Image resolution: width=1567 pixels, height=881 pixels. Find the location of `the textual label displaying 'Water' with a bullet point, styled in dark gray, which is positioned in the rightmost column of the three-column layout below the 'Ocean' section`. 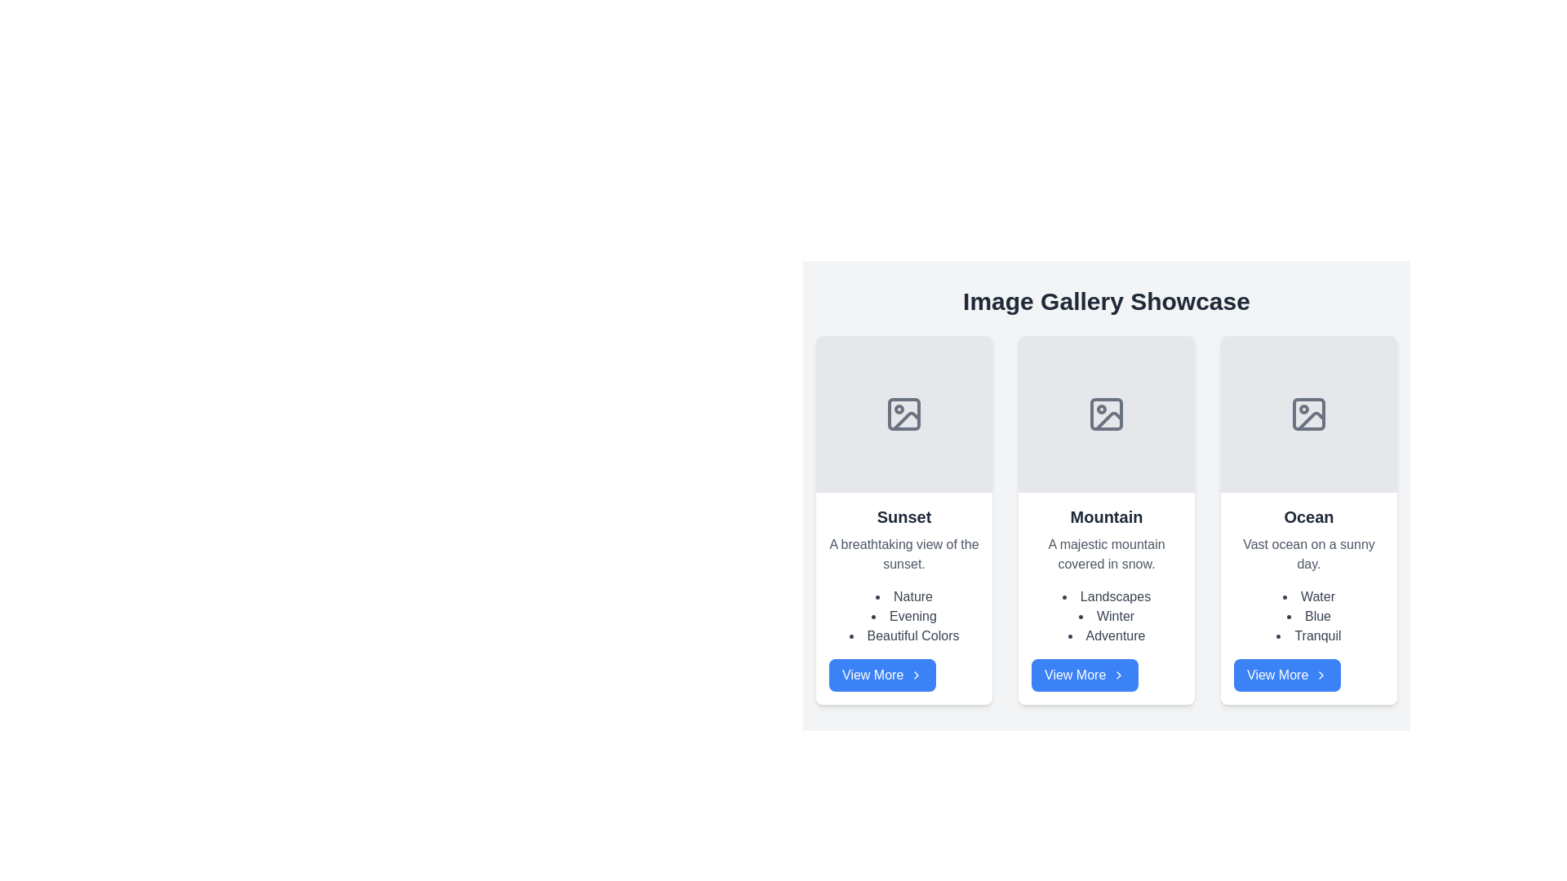

the textual label displaying 'Water' with a bullet point, styled in dark gray, which is positioned in the rightmost column of the three-column layout below the 'Ocean' section is located at coordinates (1308, 597).